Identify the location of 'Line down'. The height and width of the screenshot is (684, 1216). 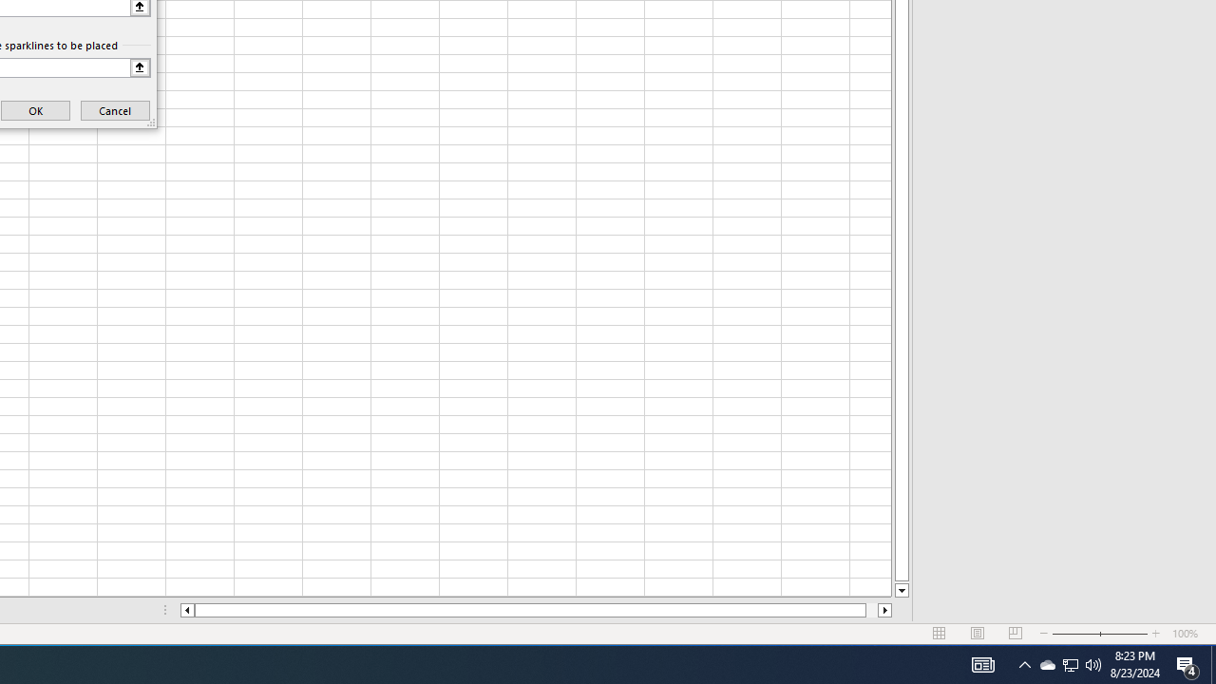
(901, 590).